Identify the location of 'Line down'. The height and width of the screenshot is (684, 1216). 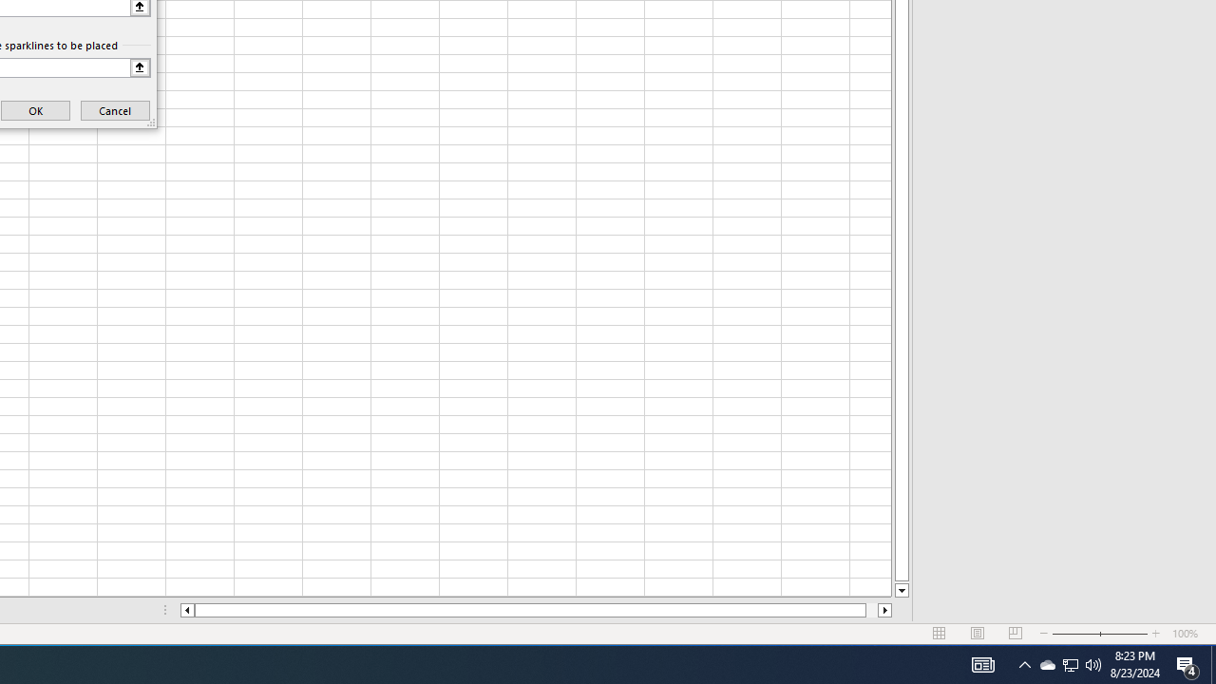
(901, 590).